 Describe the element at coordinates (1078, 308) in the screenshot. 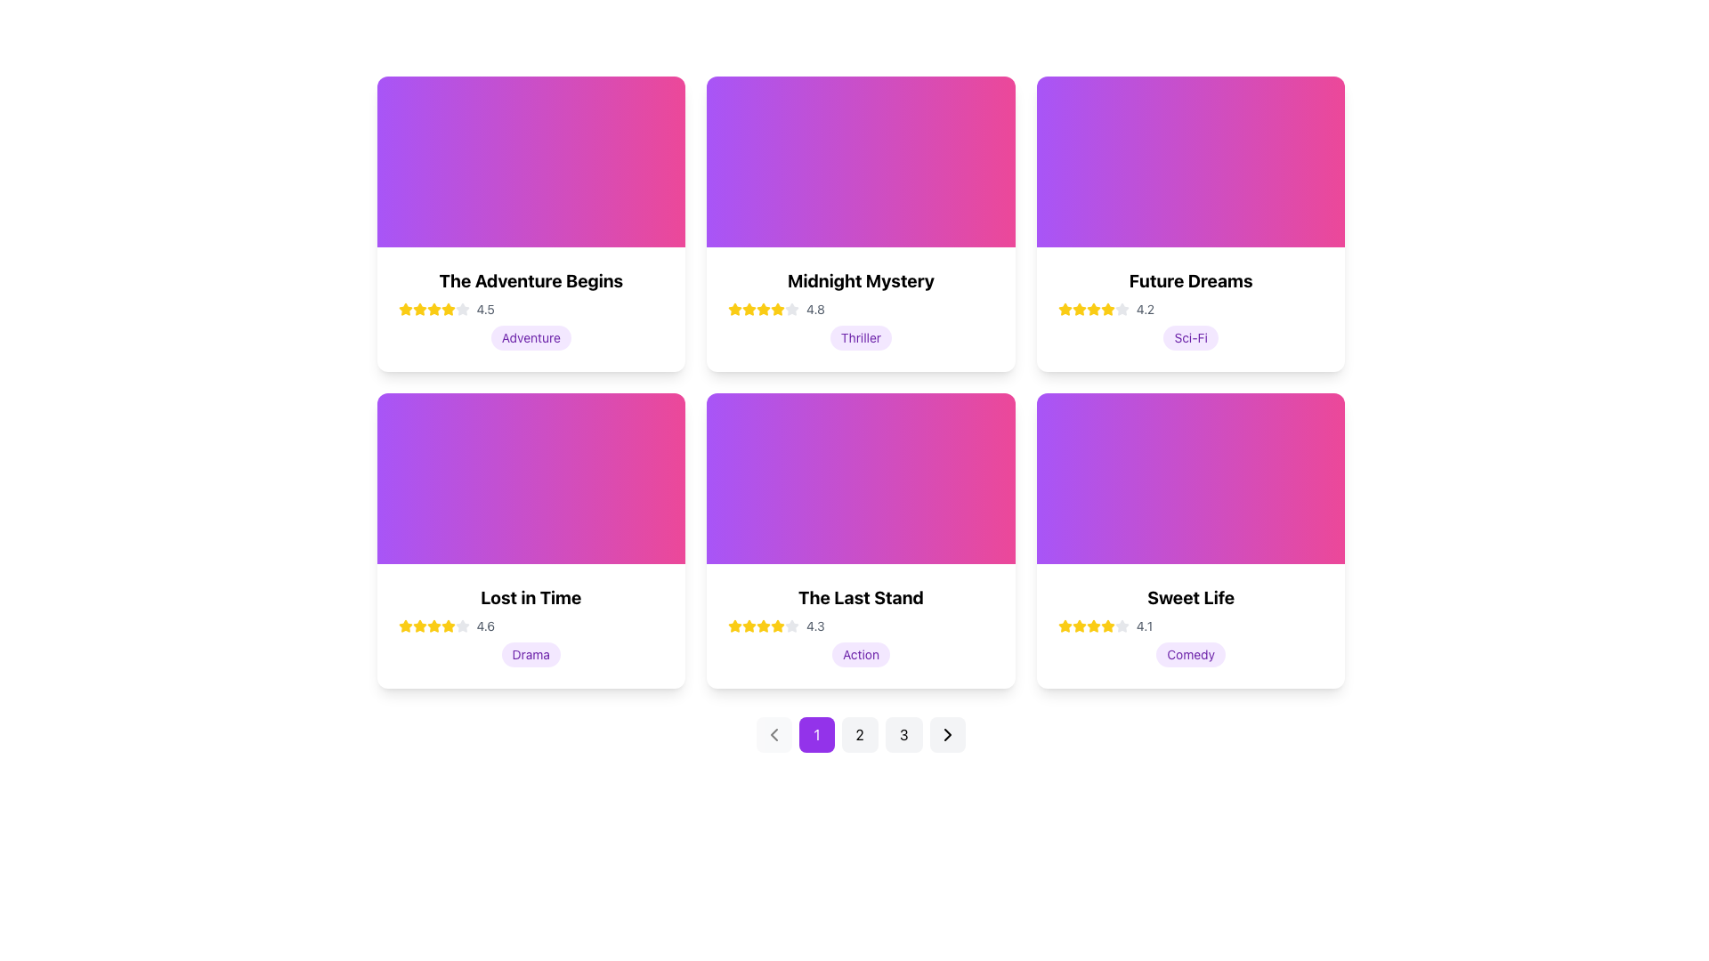

I see `the third star in the rating system for the card titled 'Future Dreams', located to the left of the rating text '4.2'` at that location.